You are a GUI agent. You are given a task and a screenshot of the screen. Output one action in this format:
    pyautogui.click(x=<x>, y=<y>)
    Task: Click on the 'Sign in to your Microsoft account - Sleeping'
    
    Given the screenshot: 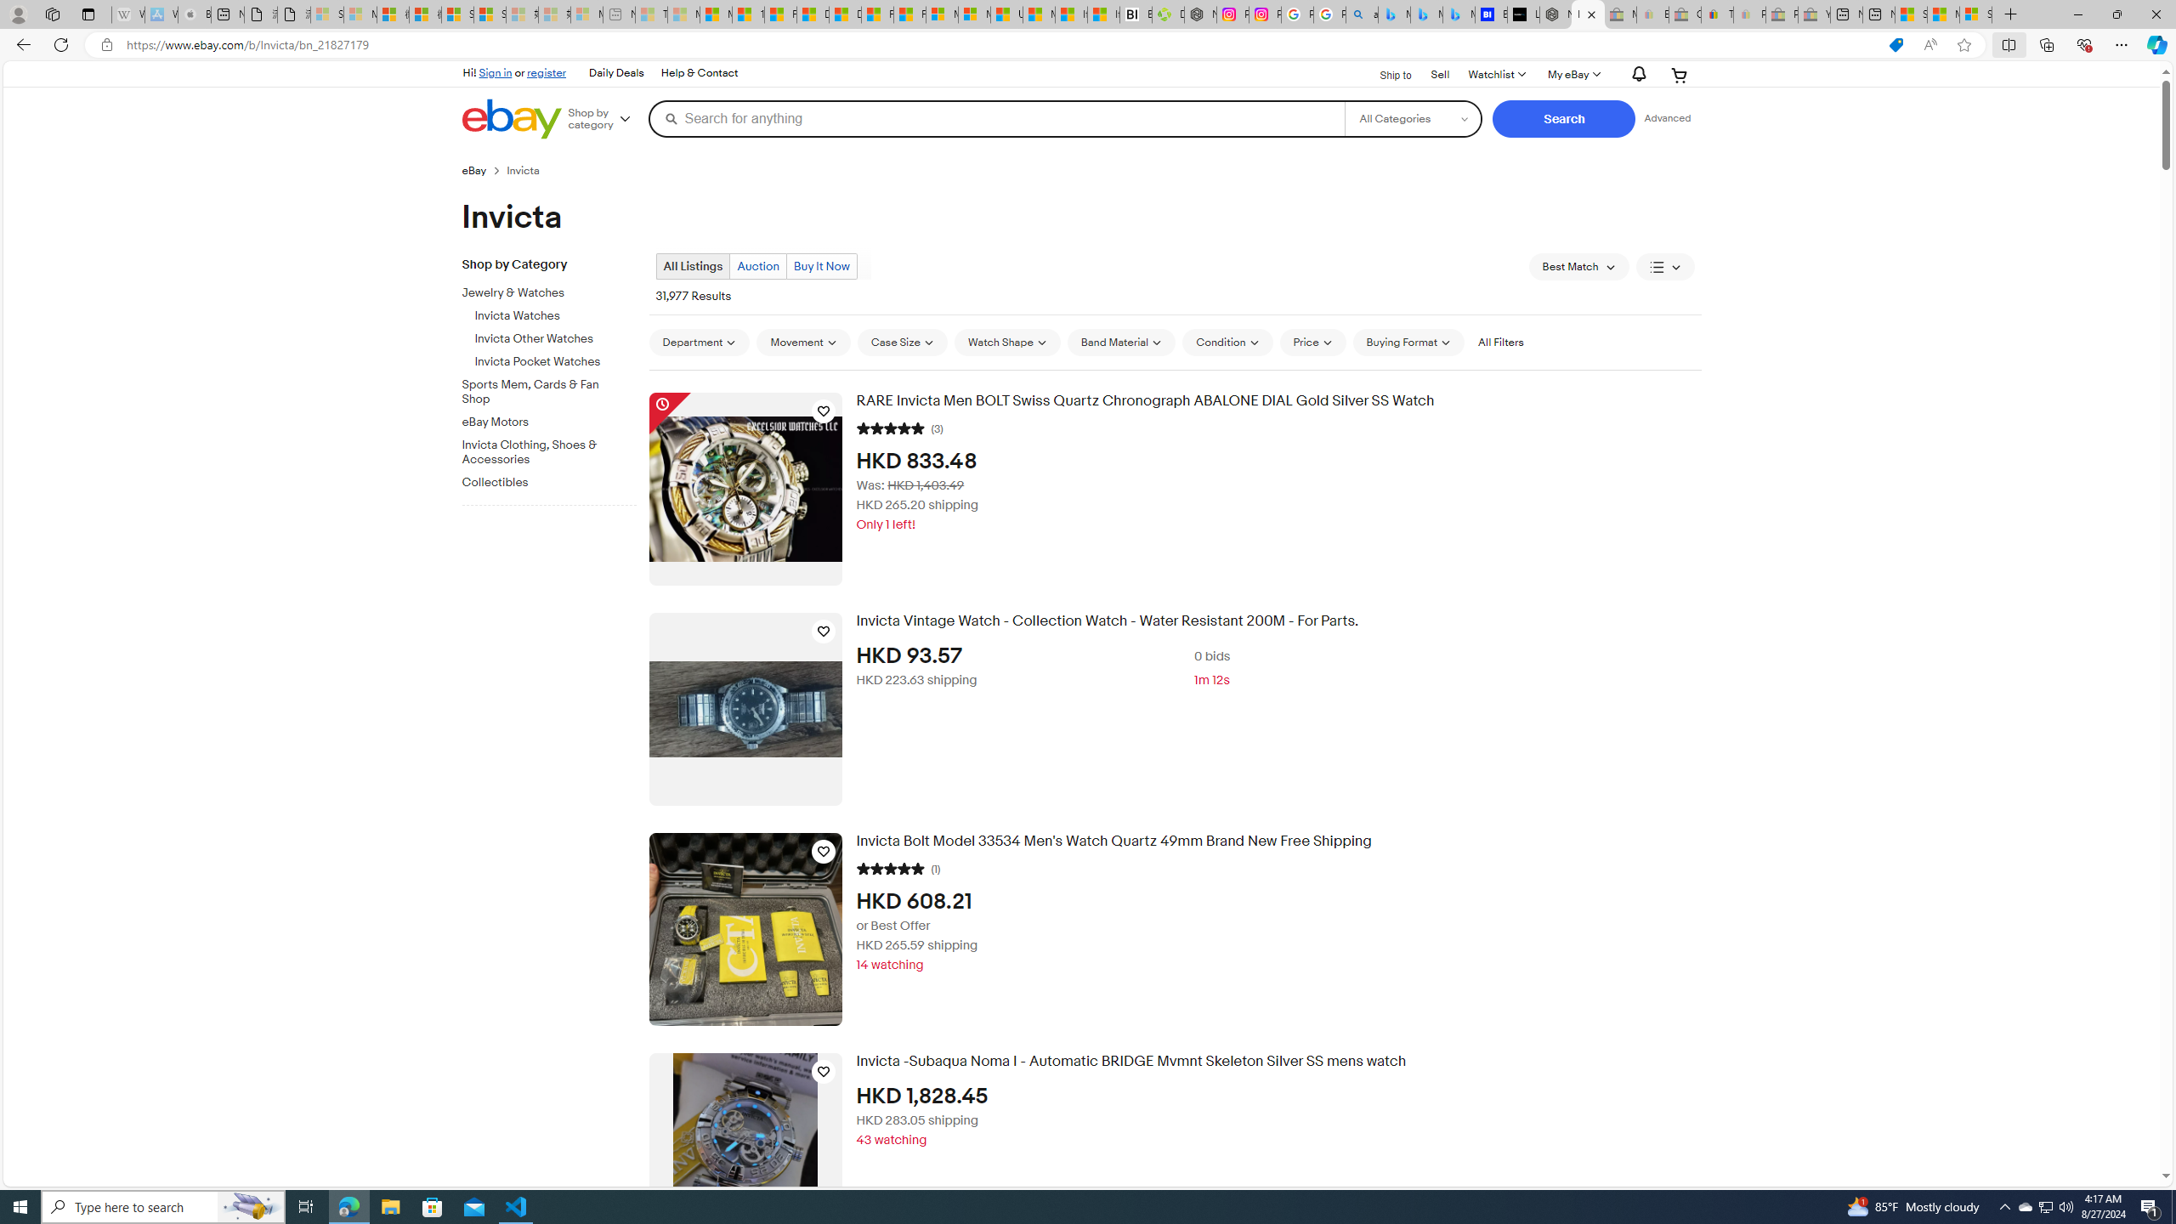 What is the action you would take?
    pyautogui.click(x=326, y=14)
    